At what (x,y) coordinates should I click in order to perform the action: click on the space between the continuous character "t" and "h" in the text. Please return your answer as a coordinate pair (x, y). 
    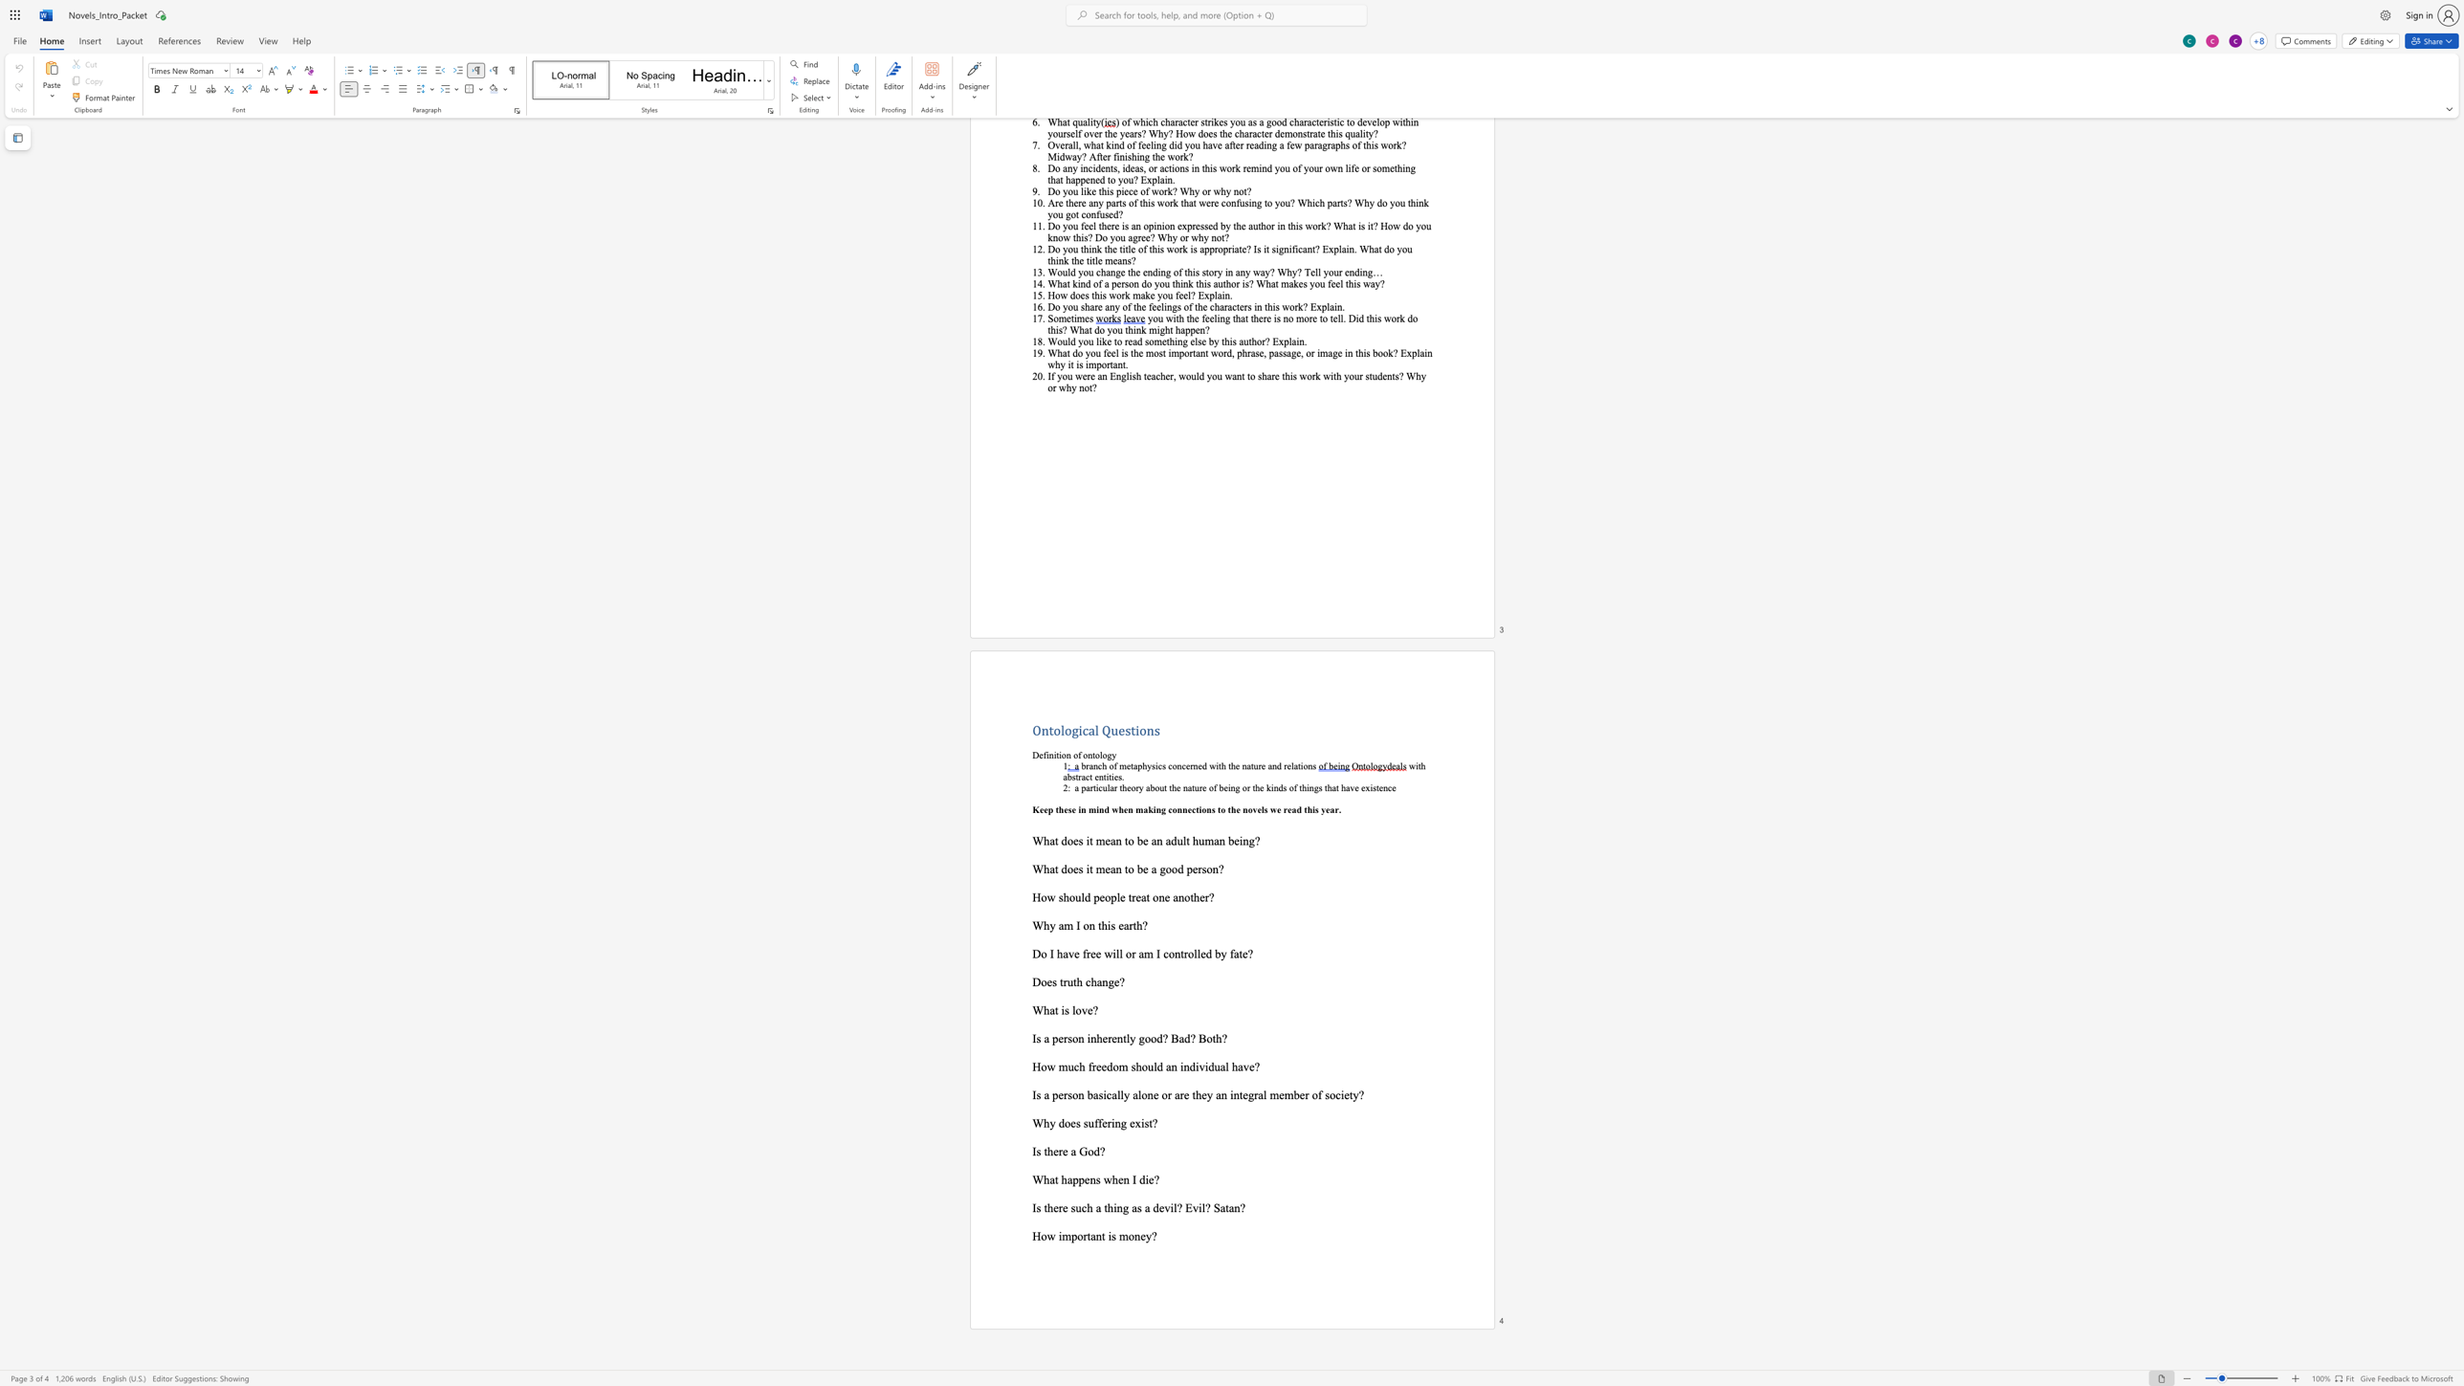
    Looking at the image, I should click on (1216, 1038).